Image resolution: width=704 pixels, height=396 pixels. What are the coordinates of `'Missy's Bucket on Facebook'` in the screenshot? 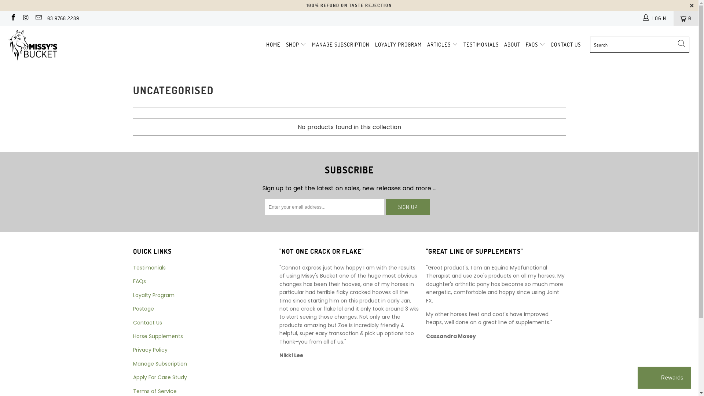 It's located at (12, 18).